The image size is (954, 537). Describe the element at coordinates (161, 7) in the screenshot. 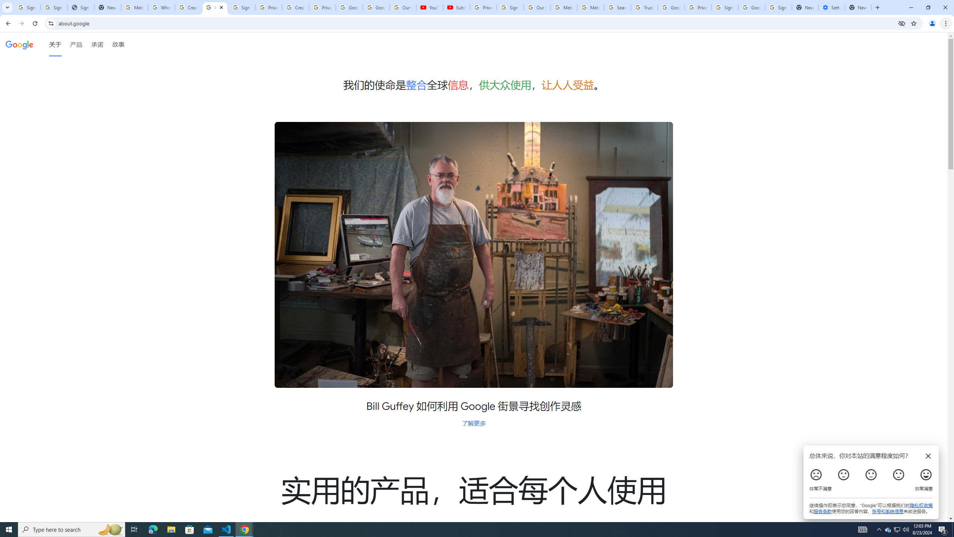

I see `'Who is my administrator? - Google Account Help'` at that location.